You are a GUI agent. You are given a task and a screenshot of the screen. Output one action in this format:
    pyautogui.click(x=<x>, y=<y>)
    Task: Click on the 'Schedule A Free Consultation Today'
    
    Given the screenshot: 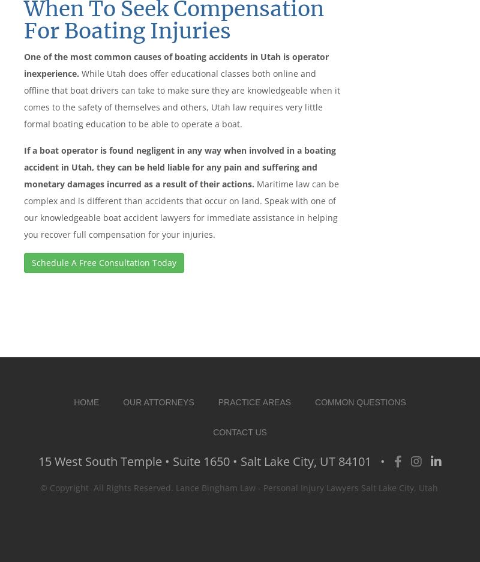 What is the action you would take?
    pyautogui.click(x=103, y=262)
    